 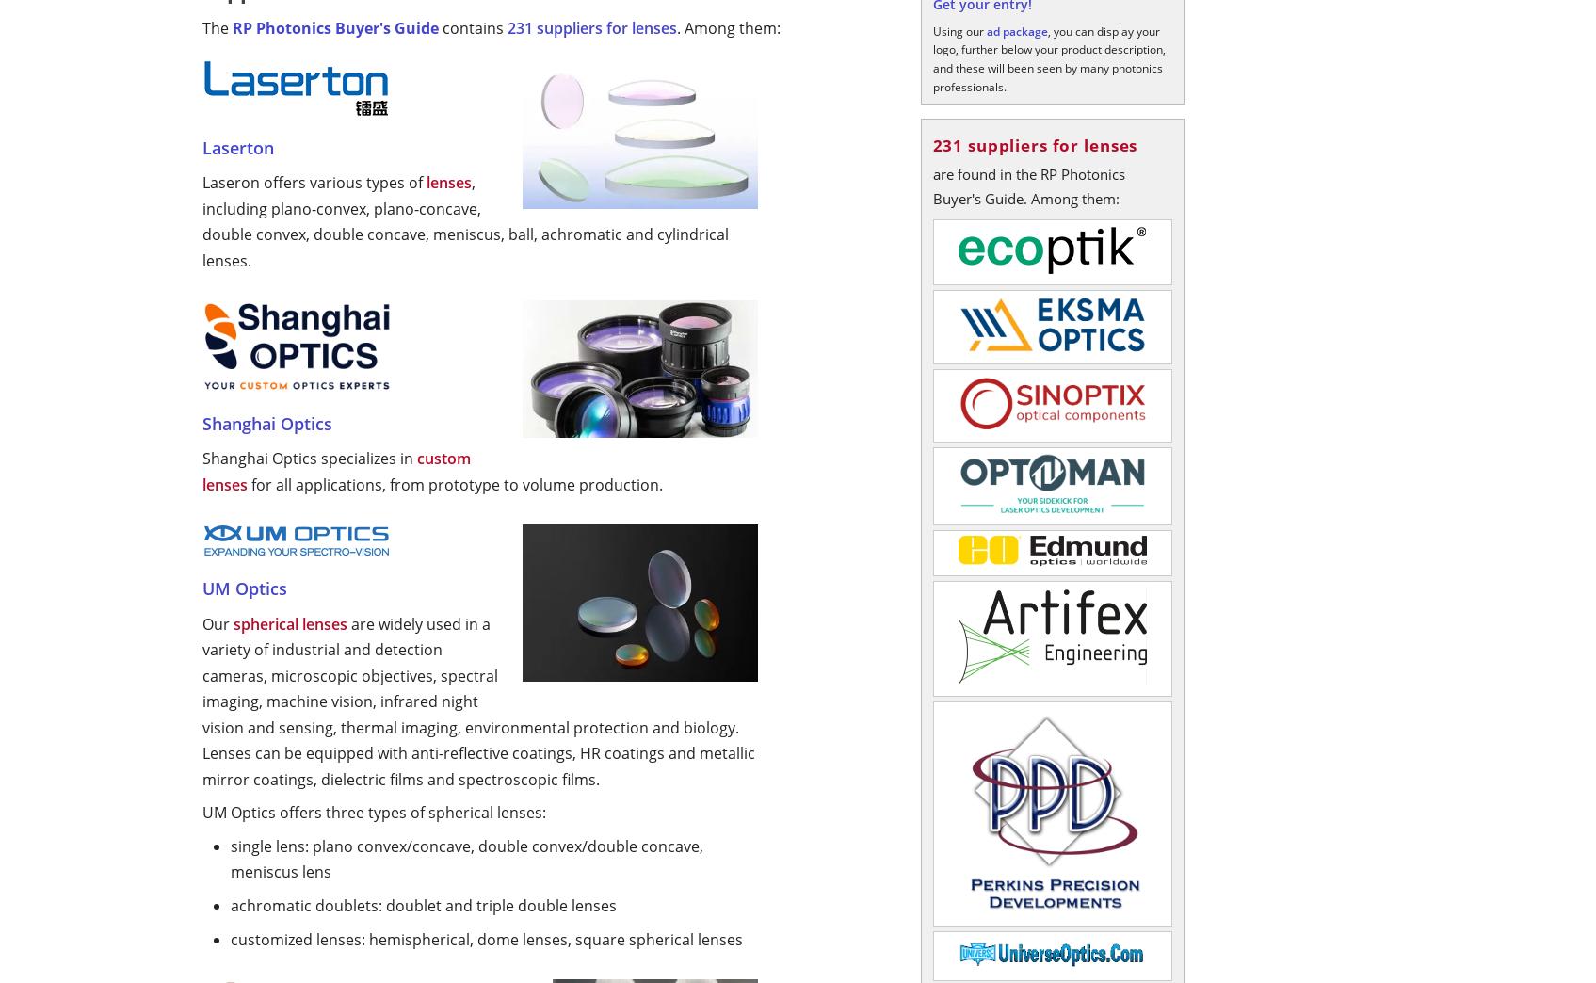 What do you see at coordinates (447, 181) in the screenshot?
I see `'lenses'` at bounding box center [447, 181].